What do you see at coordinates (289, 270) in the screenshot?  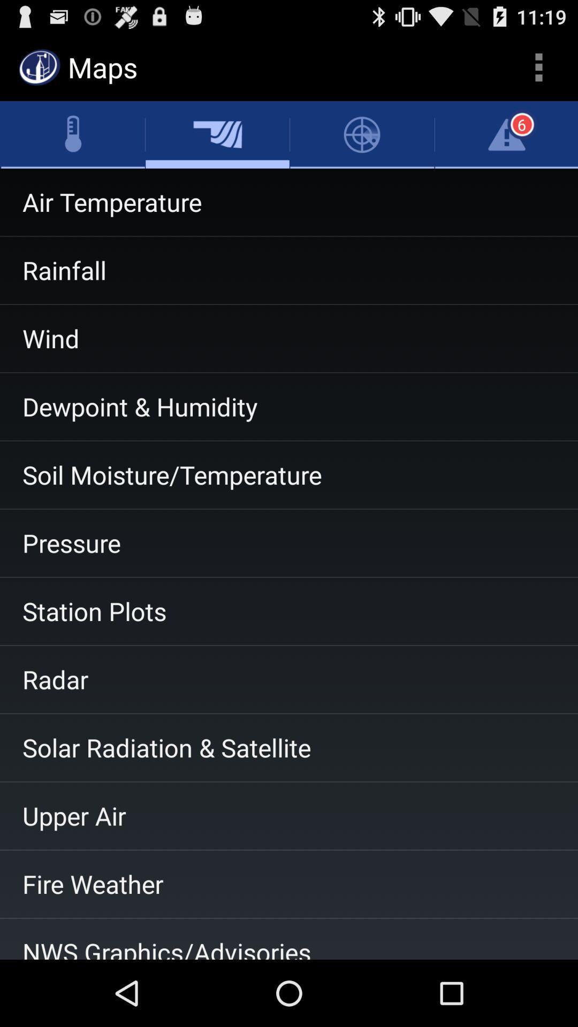 I see `the rainfall icon` at bounding box center [289, 270].